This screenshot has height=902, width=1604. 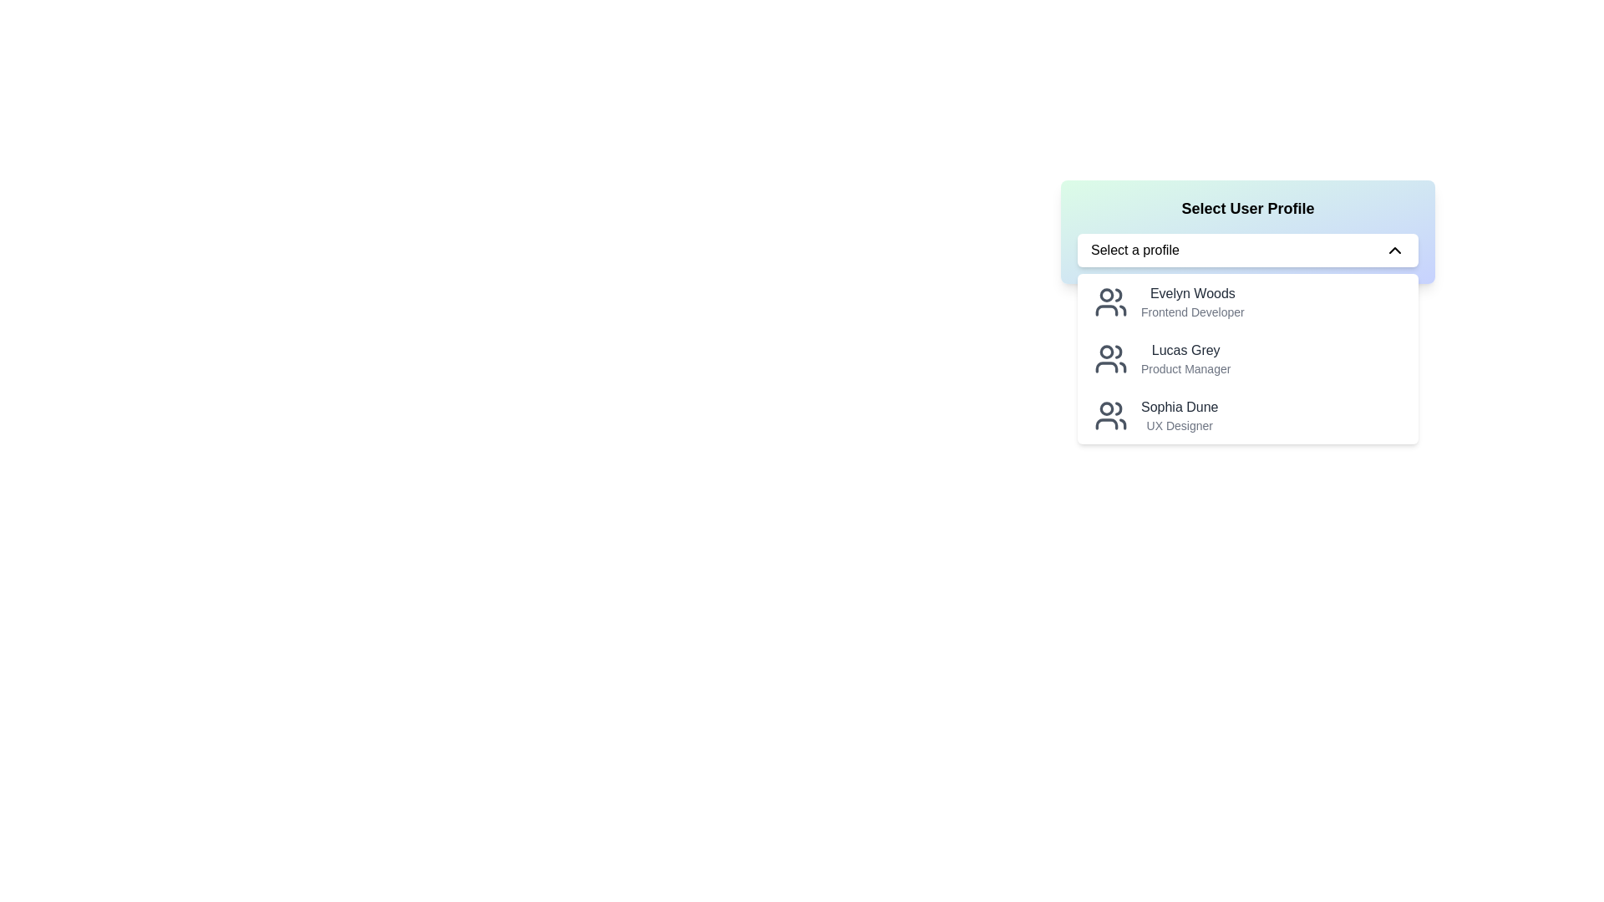 I want to click on the curved segment of the third user profile icon that resembles the top of a rectangular profile image representation, so click(x=1106, y=423).